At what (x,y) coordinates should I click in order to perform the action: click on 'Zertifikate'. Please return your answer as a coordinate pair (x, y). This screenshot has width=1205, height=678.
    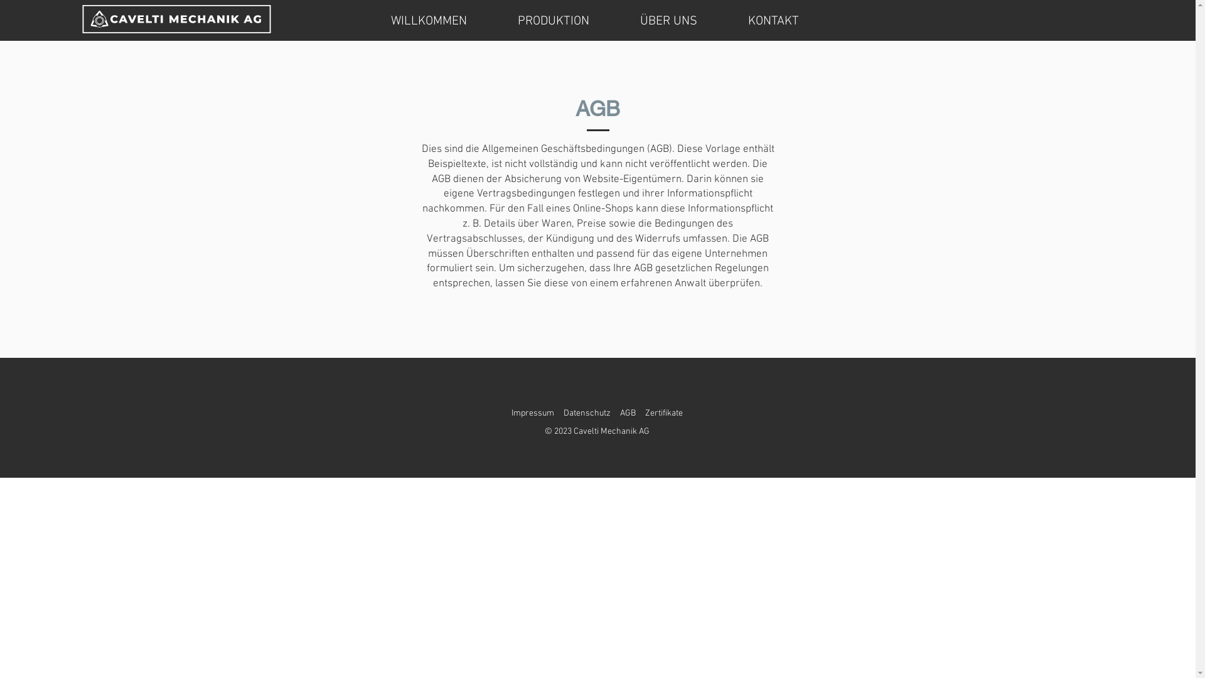
    Looking at the image, I should click on (663, 413).